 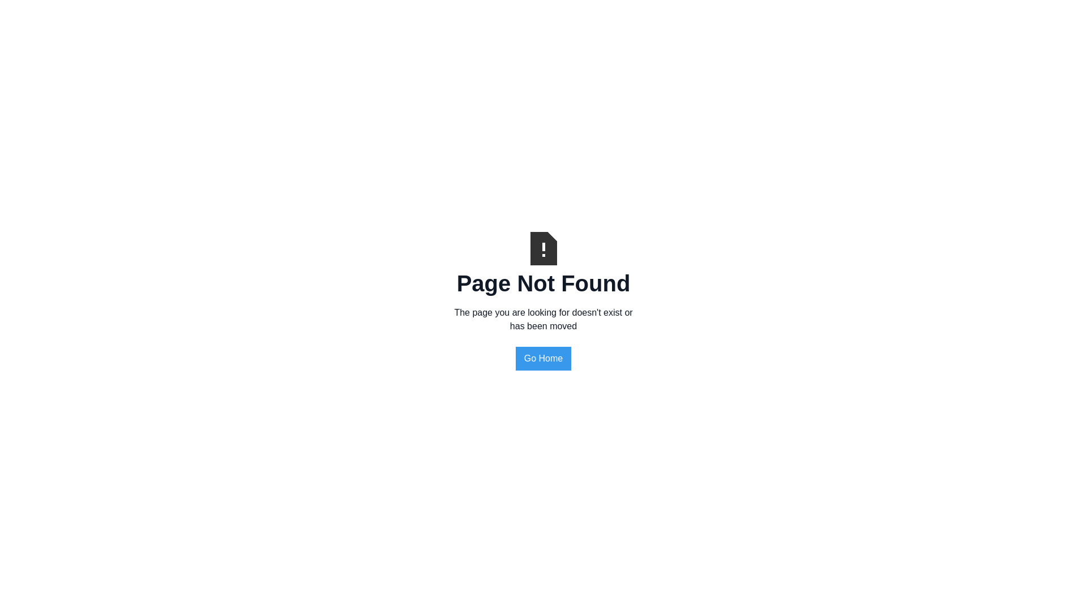 I want to click on 'Go Home', so click(x=515, y=358).